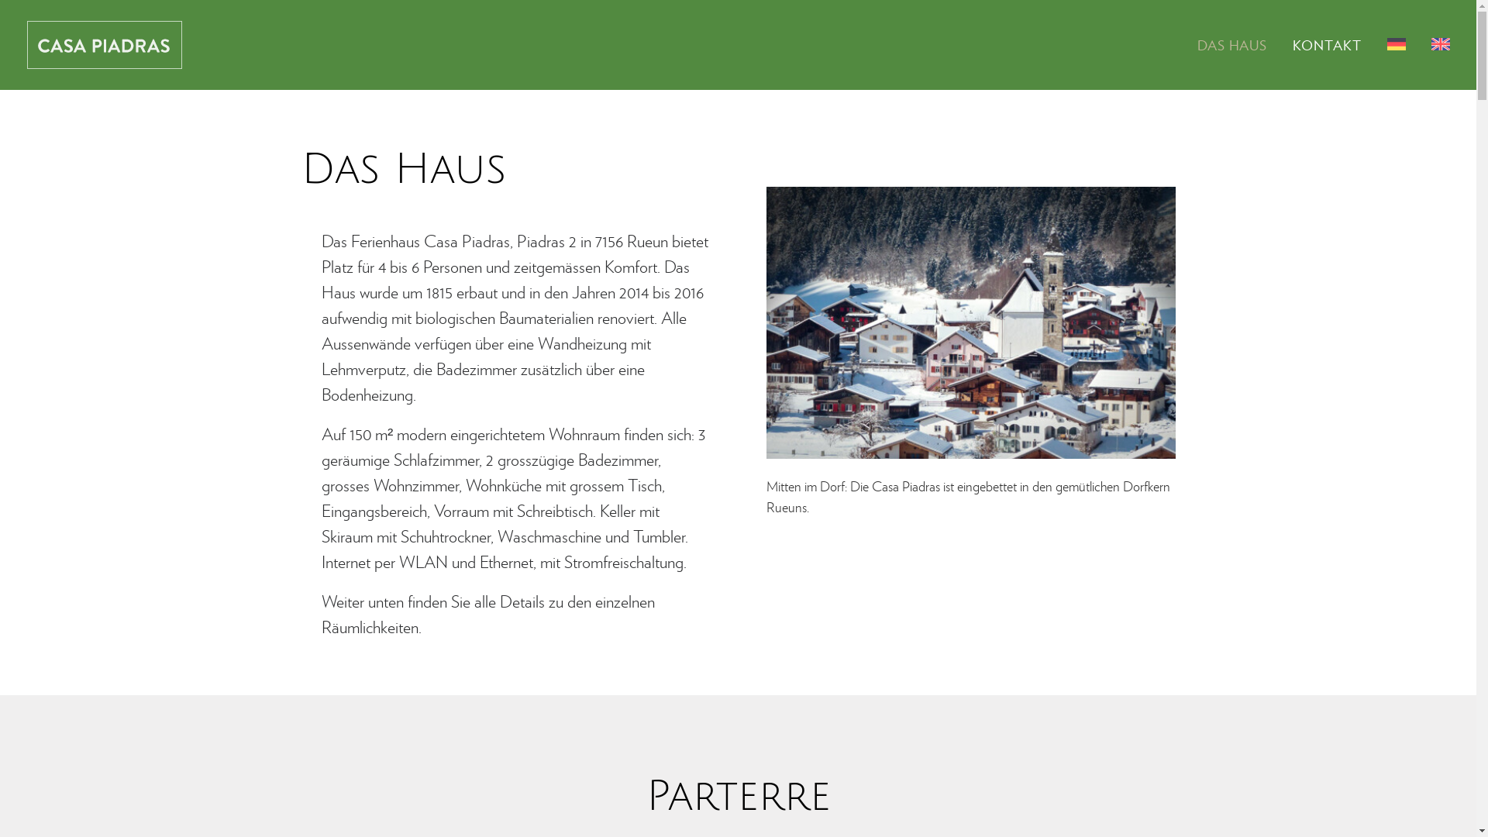  Describe the element at coordinates (1396, 43) in the screenshot. I see `'<img src="/wp-content/polylang/de_DE.png" alt="Deutsch" />'` at that location.